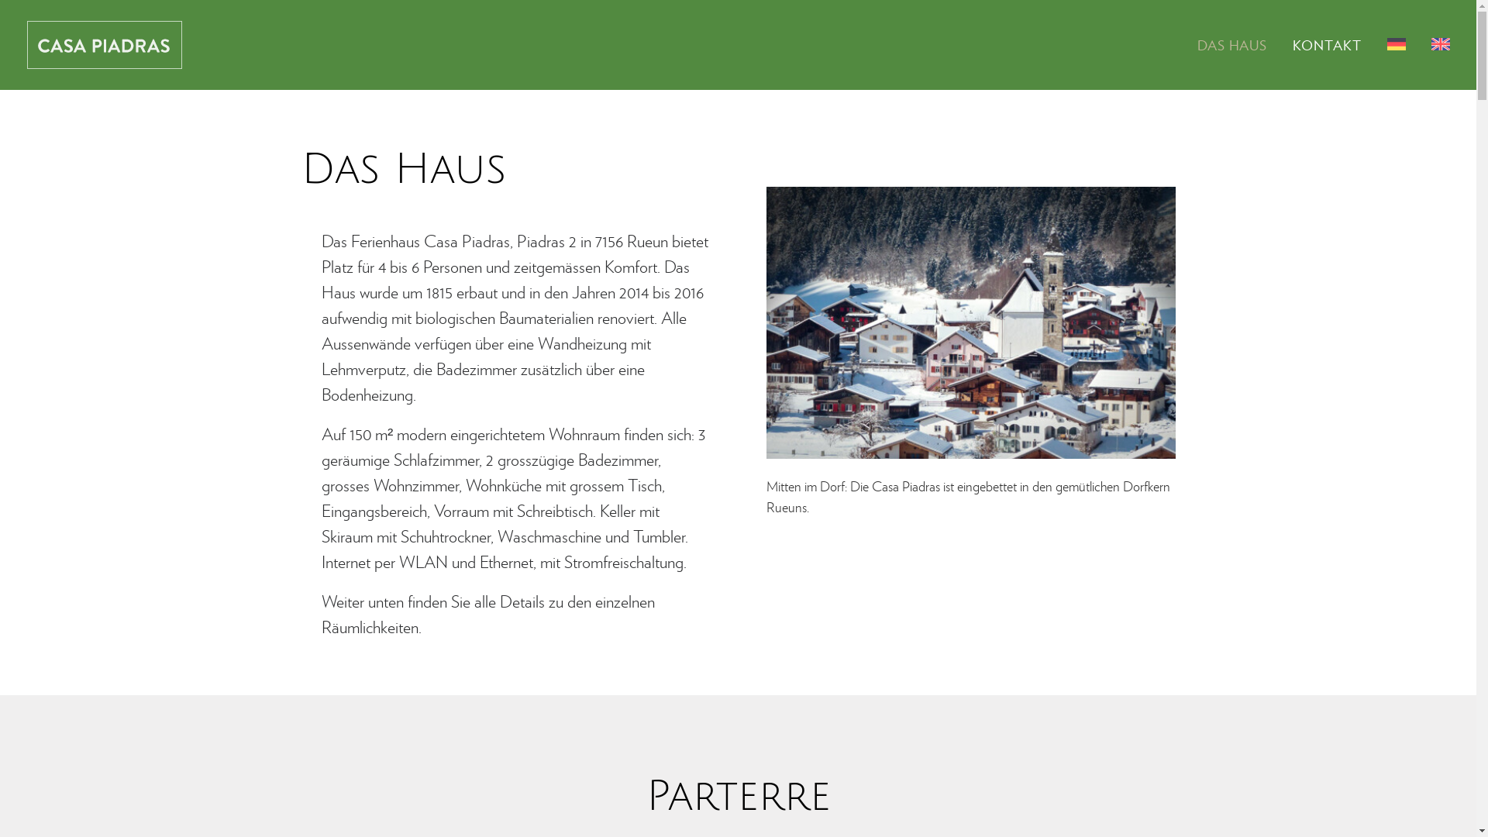  Describe the element at coordinates (1396, 43) in the screenshot. I see `'<img src="/wp-content/polylang/de_DE.png" alt="Deutsch" />'` at that location.